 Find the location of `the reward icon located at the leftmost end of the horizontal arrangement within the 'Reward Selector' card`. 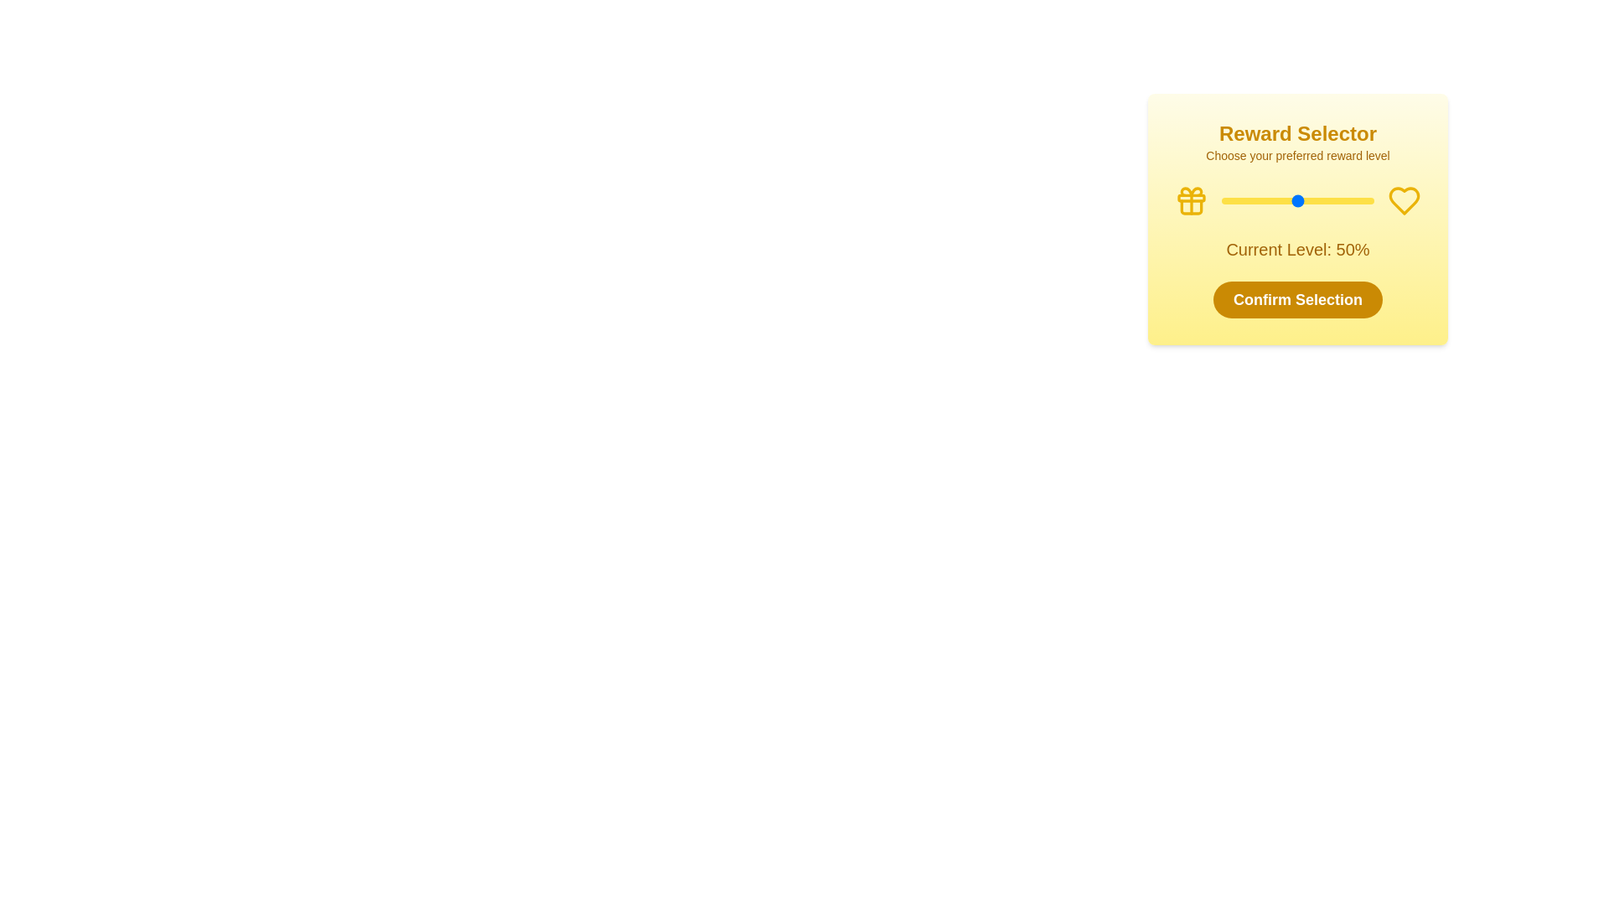

the reward icon located at the leftmost end of the horizontal arrangement within the 'Reward Selector' card is located at coordinates (1190, 199).